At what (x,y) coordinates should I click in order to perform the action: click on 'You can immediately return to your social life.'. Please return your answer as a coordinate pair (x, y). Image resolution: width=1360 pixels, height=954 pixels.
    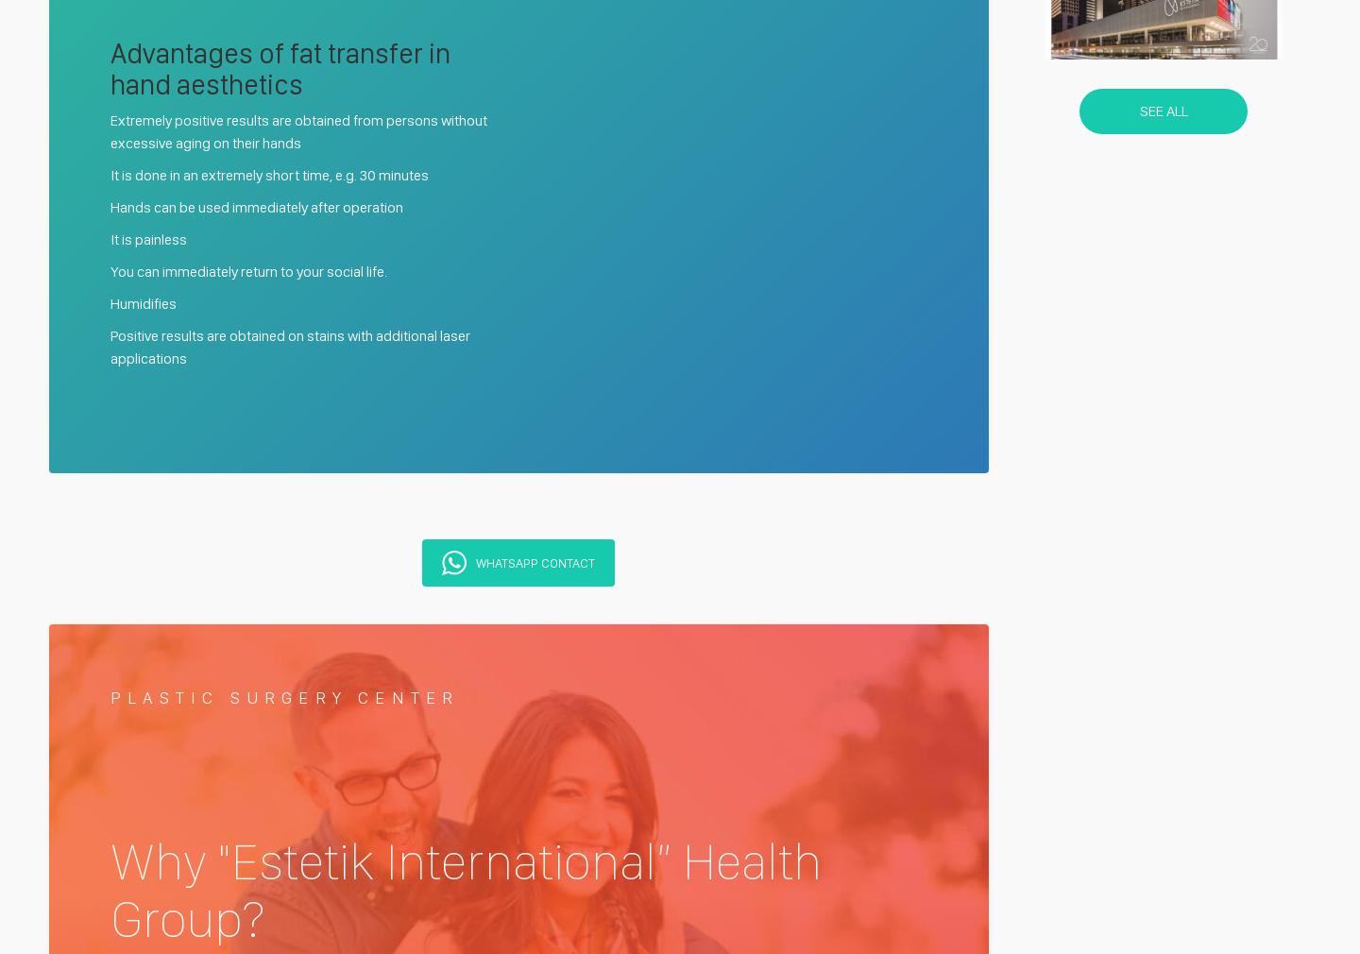
    Looking at the image, I should click on (247, 271).